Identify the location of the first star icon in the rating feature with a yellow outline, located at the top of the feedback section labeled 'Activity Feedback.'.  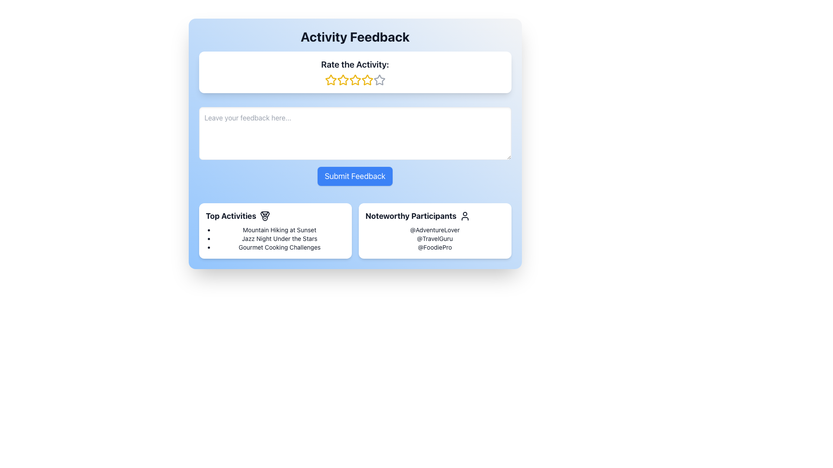
(330, 80).